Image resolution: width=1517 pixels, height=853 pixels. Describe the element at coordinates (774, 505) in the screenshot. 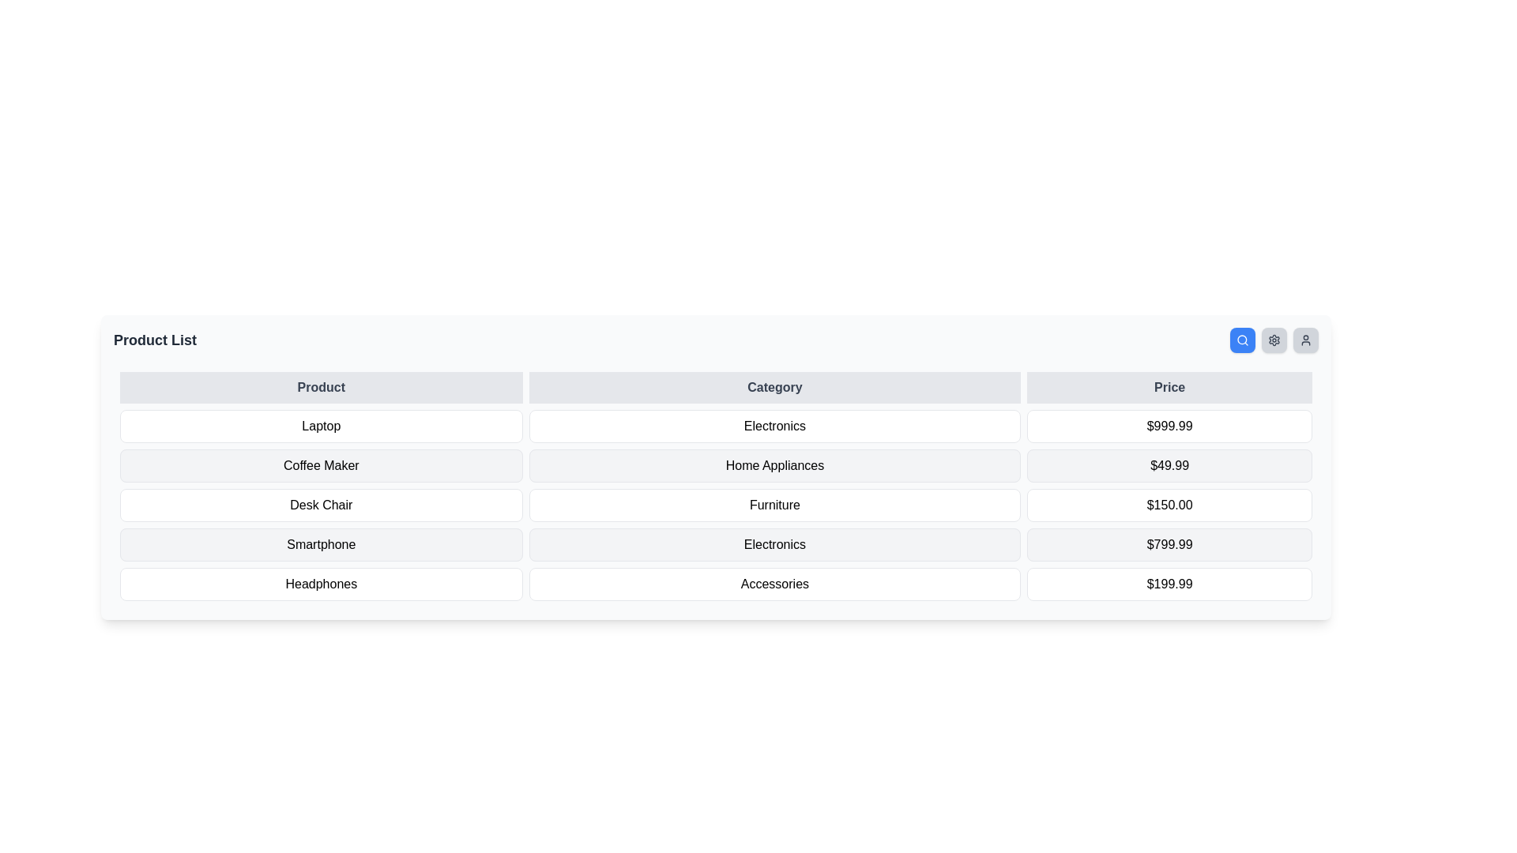

I see `the static text element representing the product category 'Desk Chair' located in the second column of the table and third row` at that location.